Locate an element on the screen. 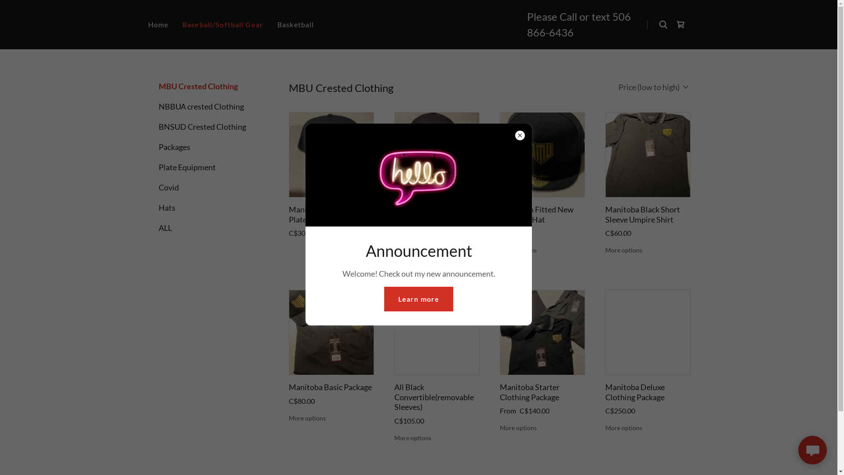  'Manitoba Basic Package is located at coordinates (288, 356).